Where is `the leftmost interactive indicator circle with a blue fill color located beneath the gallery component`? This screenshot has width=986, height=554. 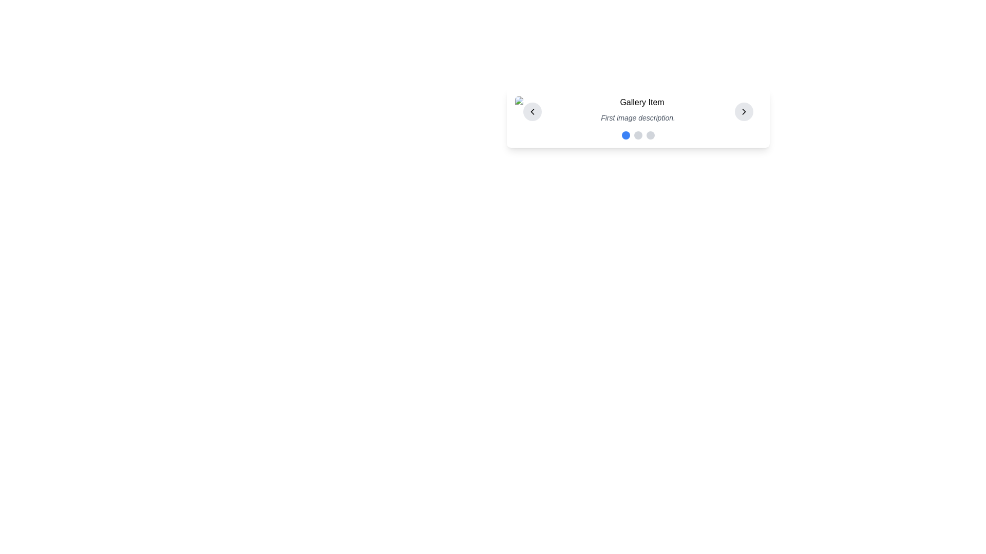 the leftmost interactive indicator circle with a blue fill color located beneath the gallery component is located at coordinates (625, 134).